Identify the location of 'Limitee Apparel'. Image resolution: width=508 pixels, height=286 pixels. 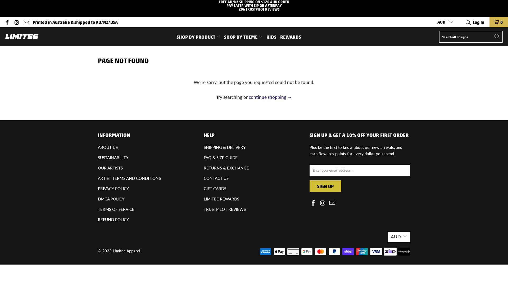
(126, 251).